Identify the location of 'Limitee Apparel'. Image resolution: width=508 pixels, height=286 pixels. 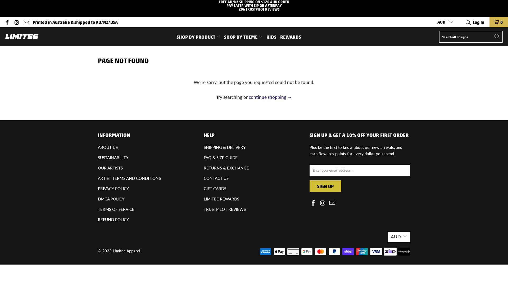
(126, 251).